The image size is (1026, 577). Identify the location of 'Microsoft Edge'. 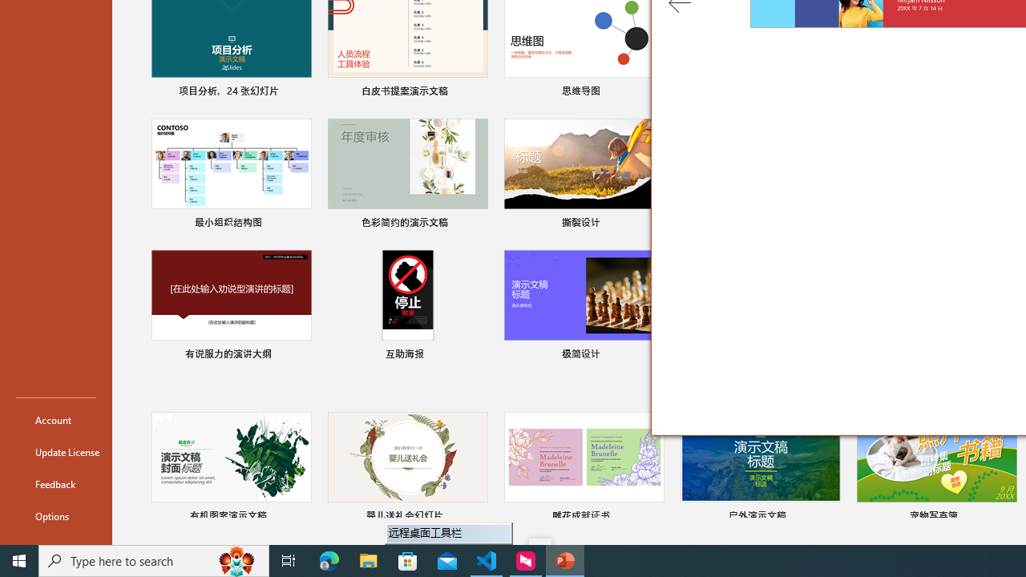
(329, 559).